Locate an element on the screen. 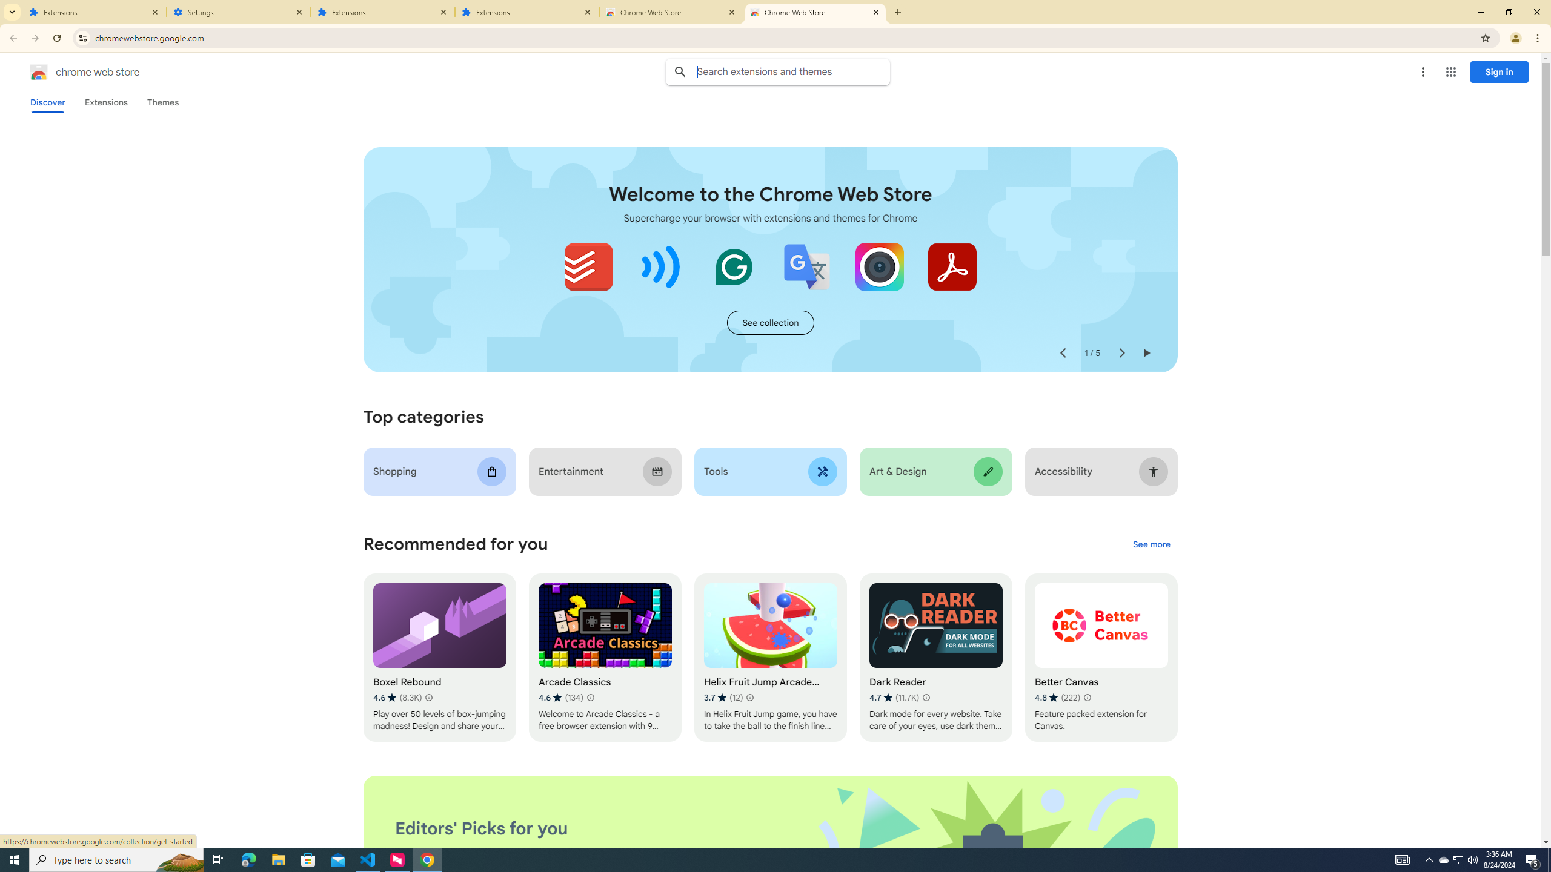 The width and height of the screenshot is (1551, 872). 'Discover' is located at coordinates (47, 102).